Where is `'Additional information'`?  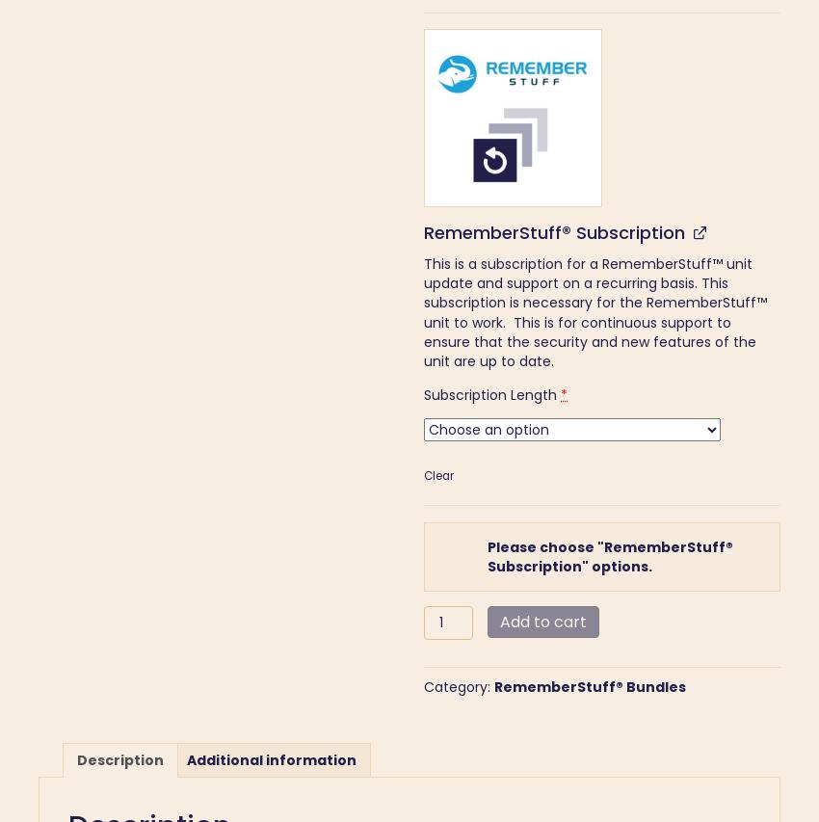 'Additional information' is located at coordinates (271, 759).